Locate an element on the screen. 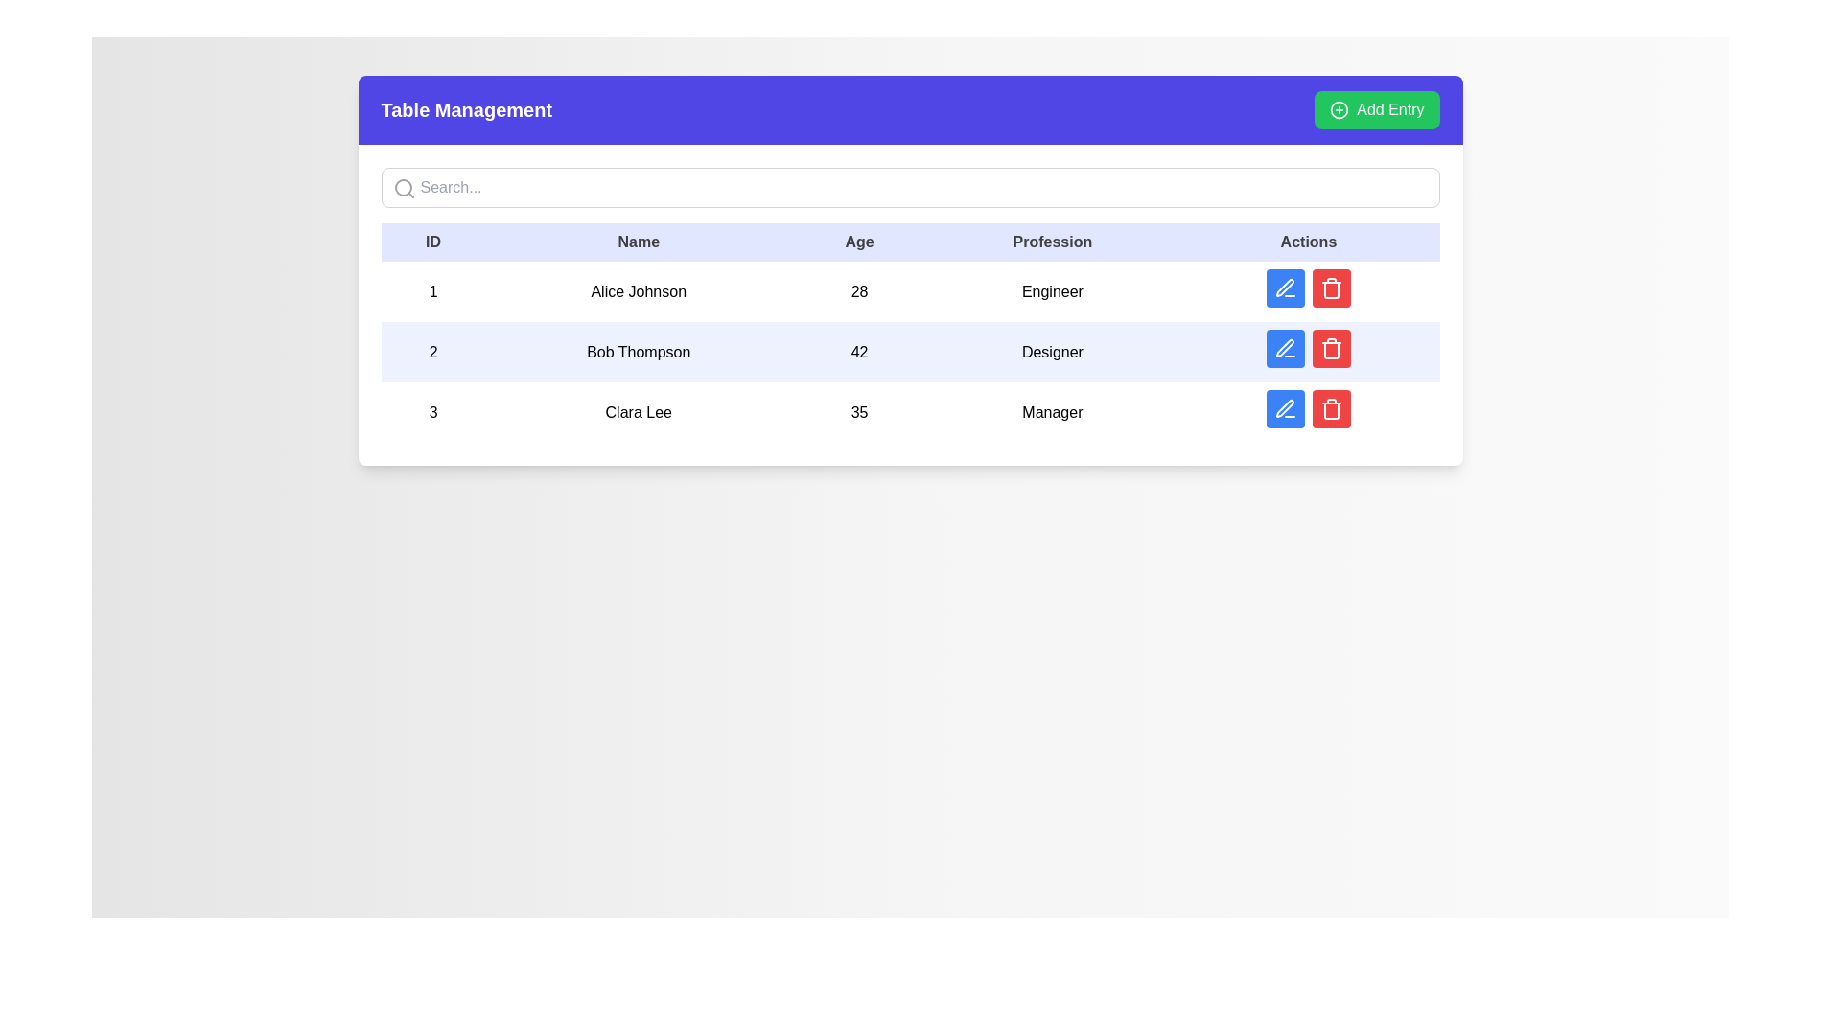 The image size is (1841, 1035). the icon representing the 'Add Entry' action, which is part of a green button located near the top-right corner of the interface is located at coordinates (1339, 110).